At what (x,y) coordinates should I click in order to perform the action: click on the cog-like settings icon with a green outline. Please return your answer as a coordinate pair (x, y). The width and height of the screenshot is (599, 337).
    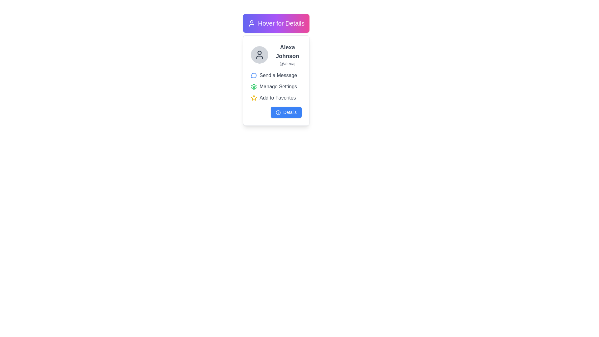
    Looking at the image, I should click on (254, 86).